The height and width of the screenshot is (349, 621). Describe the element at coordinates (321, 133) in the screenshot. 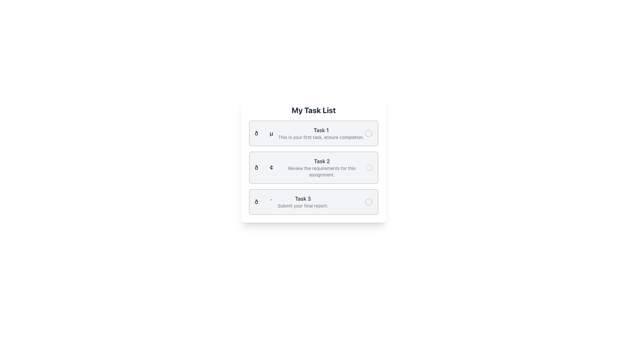

I see `the non-interactive textual display component that contains 'Task 1' and 'This is your first task, ensure completion.'` at that location.